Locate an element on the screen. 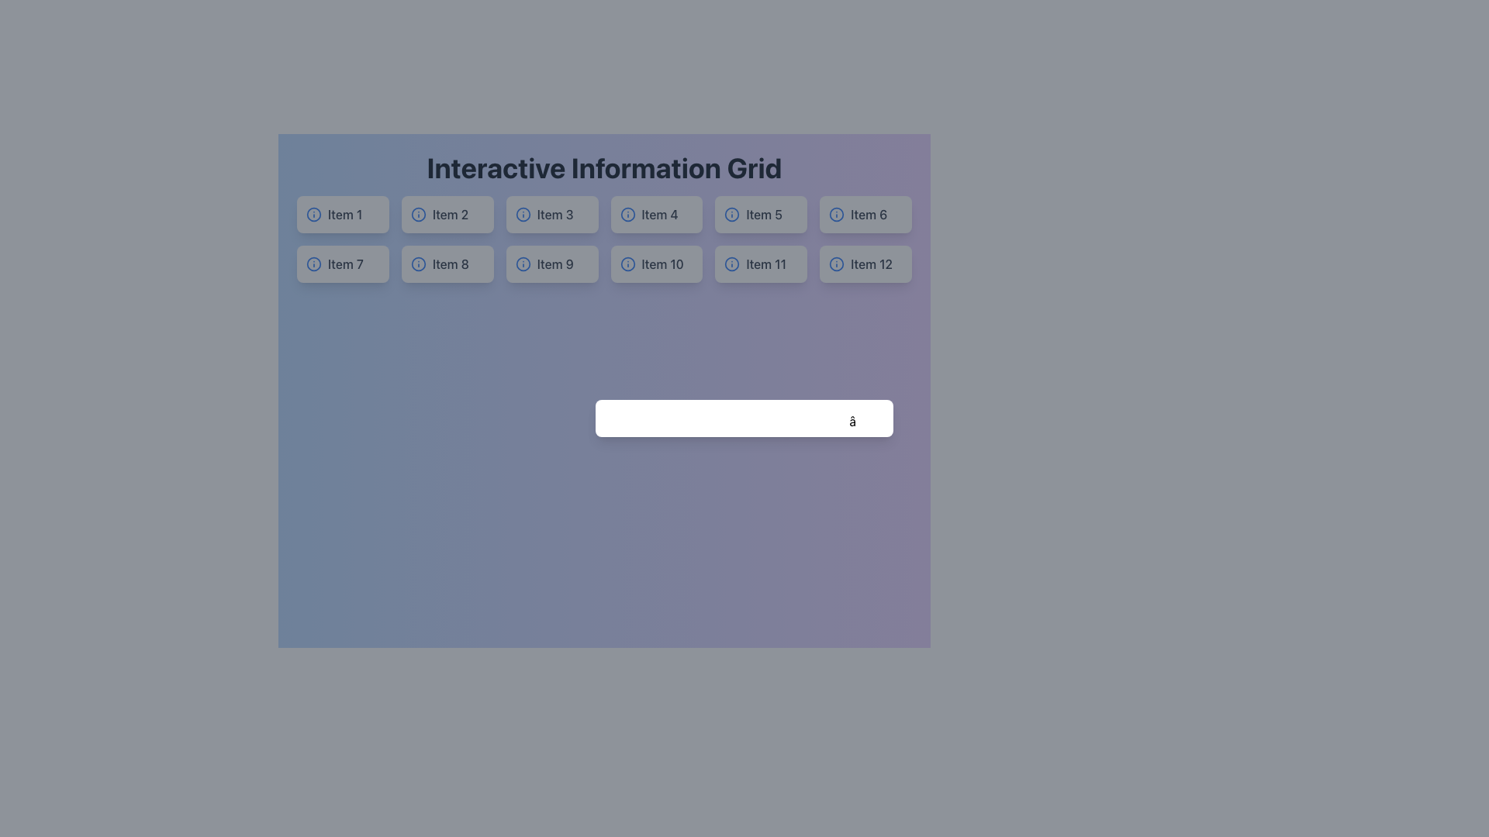 The image size is (1489, 837). the Text label located in the second row, third column of the grid layout, which provides a description or identifier is located at coordinates (555, 263).